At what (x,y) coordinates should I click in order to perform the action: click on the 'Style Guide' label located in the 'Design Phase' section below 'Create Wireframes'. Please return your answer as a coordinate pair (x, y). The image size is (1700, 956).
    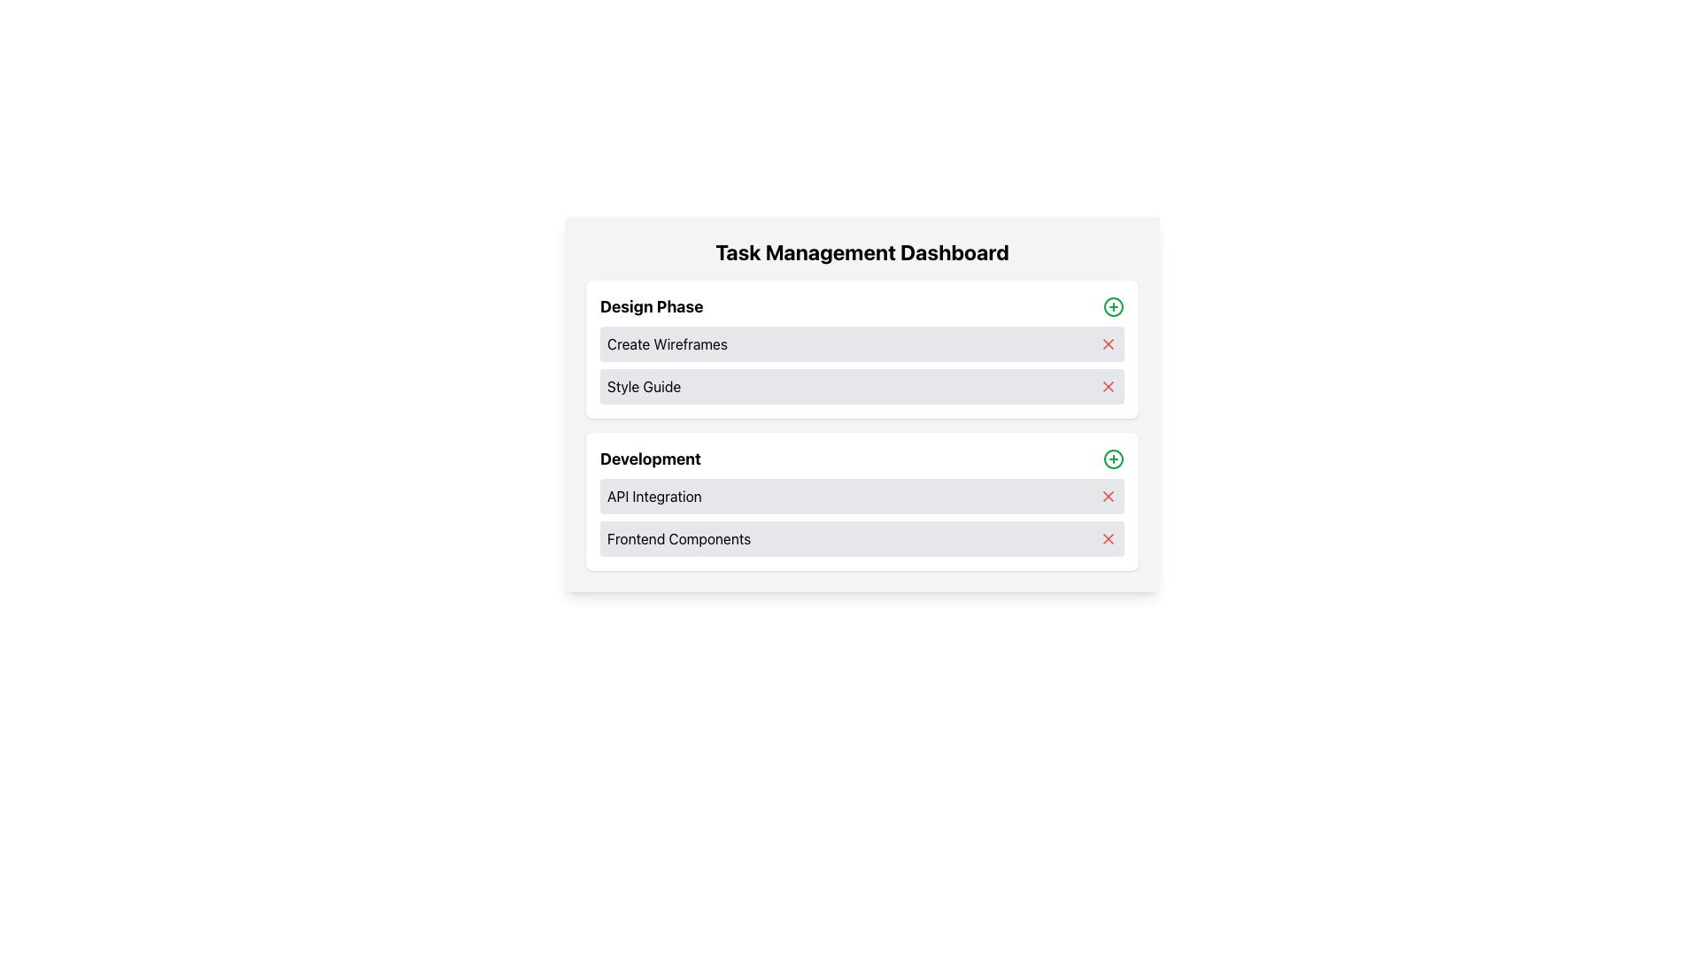
    Looking at the image, I should click on (643, 385).